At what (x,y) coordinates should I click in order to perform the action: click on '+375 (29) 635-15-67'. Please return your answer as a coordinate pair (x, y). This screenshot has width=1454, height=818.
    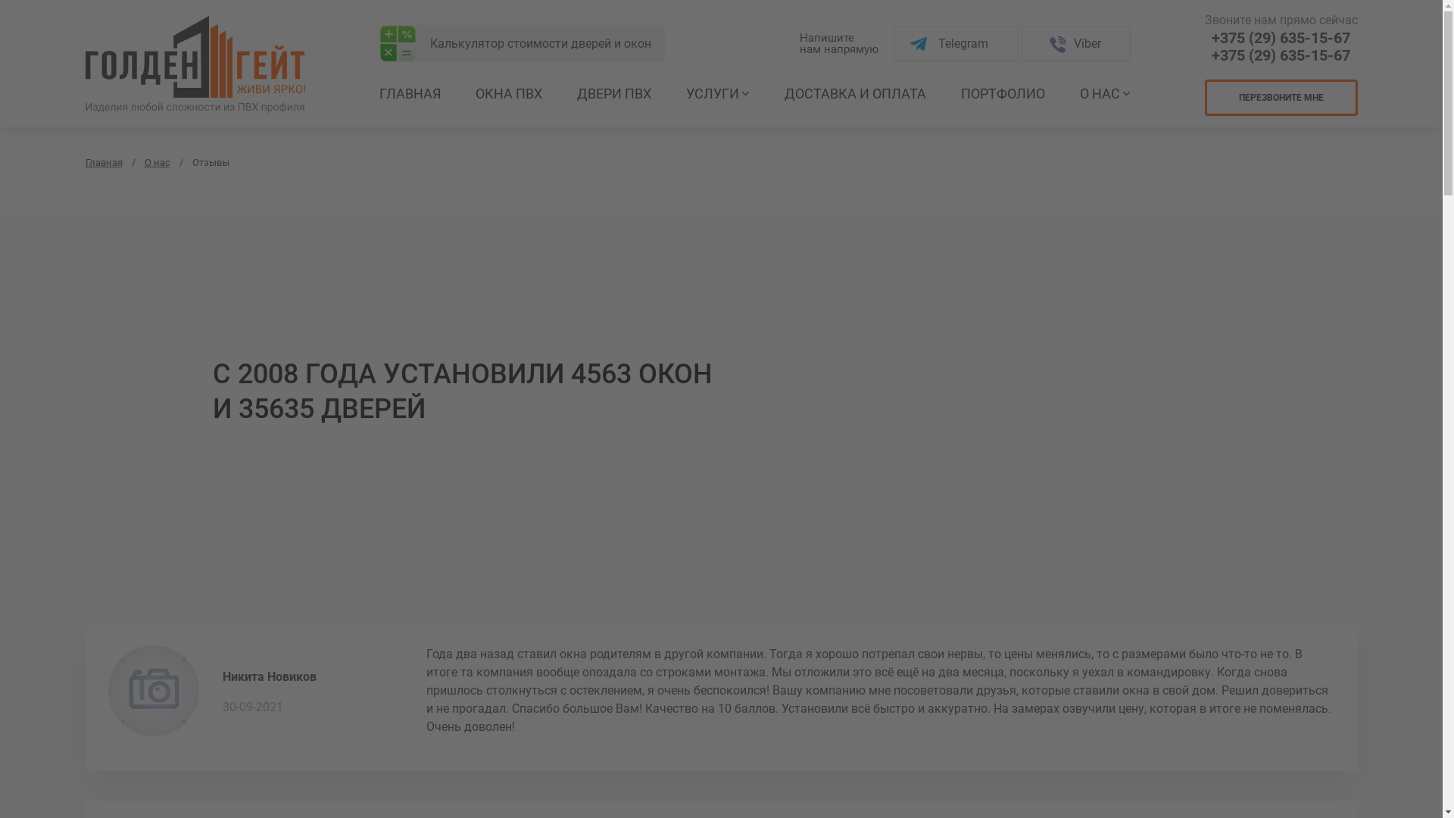
    Looking at the image, I should click on (1280, 55).